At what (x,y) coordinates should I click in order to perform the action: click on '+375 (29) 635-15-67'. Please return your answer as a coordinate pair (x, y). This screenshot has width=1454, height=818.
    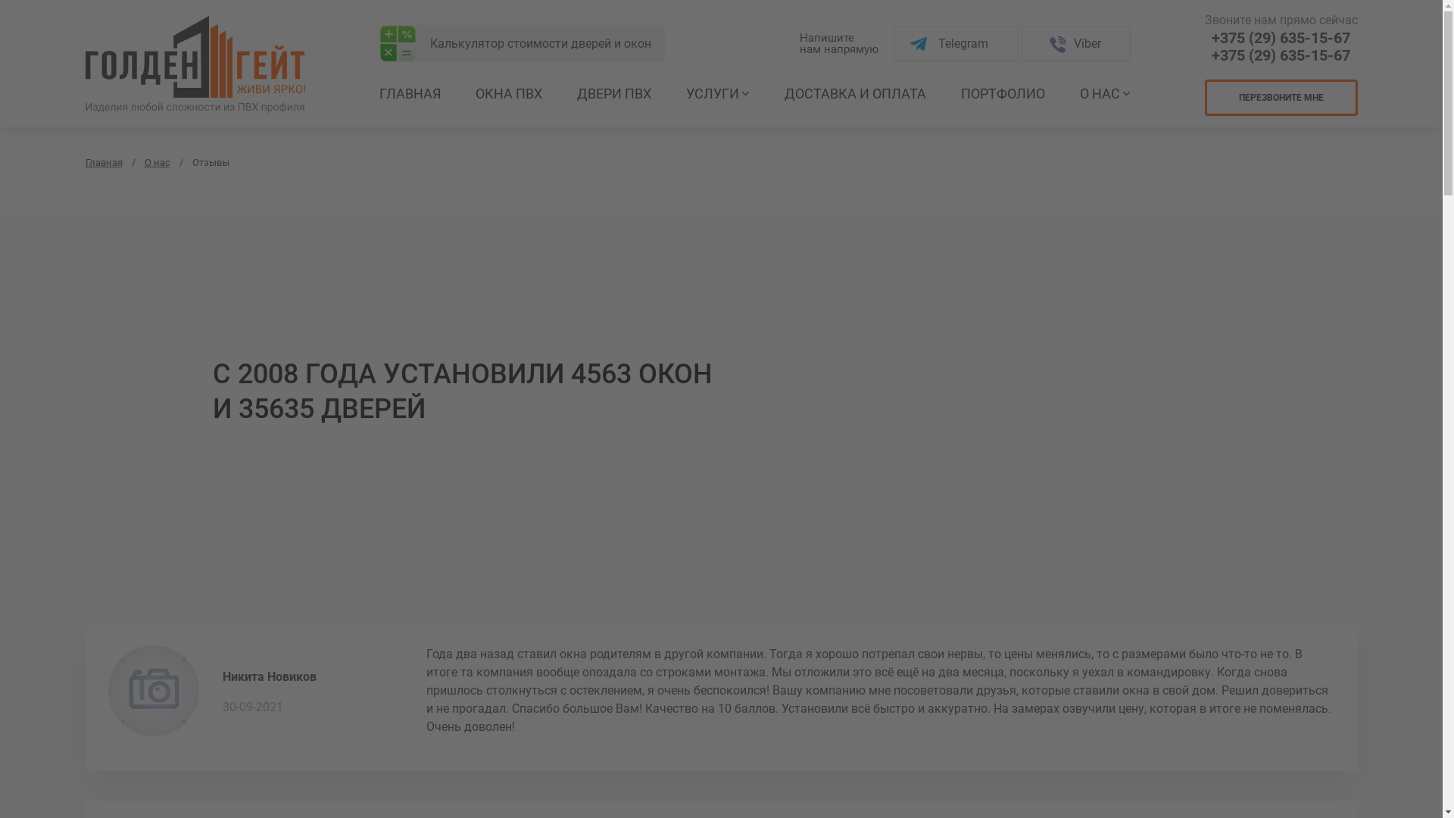
    Looking at the image, I should click on (1280, 55).